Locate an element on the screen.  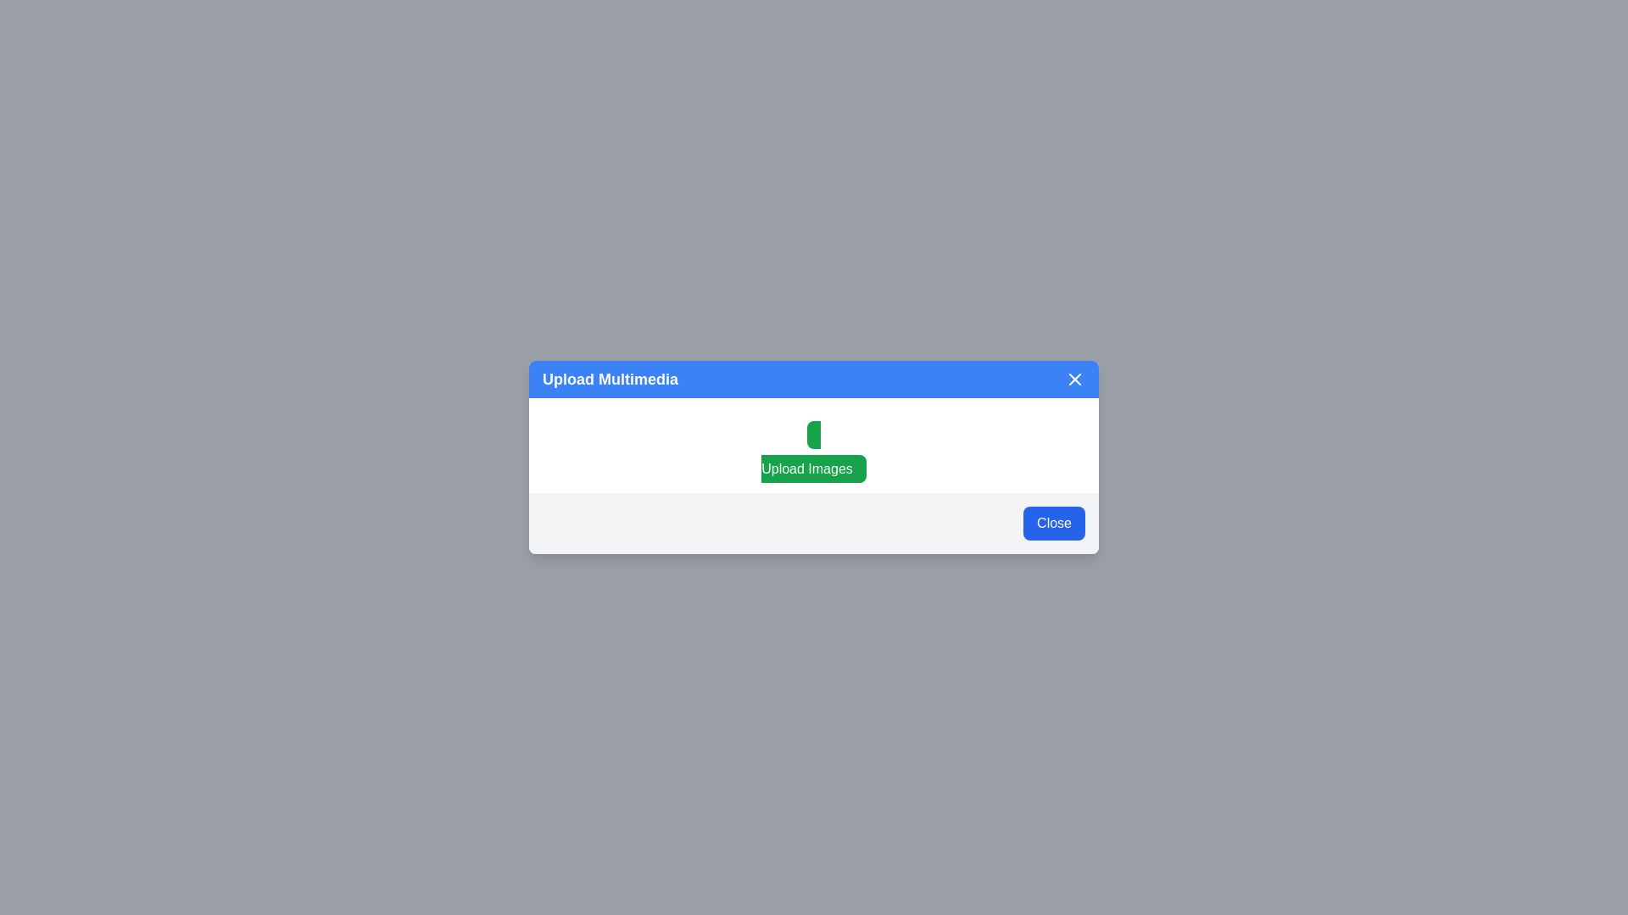
the green rectangular button labeled 'Upload Images' with an upward-pointing arrow icon is located at coordinates (814, 444).